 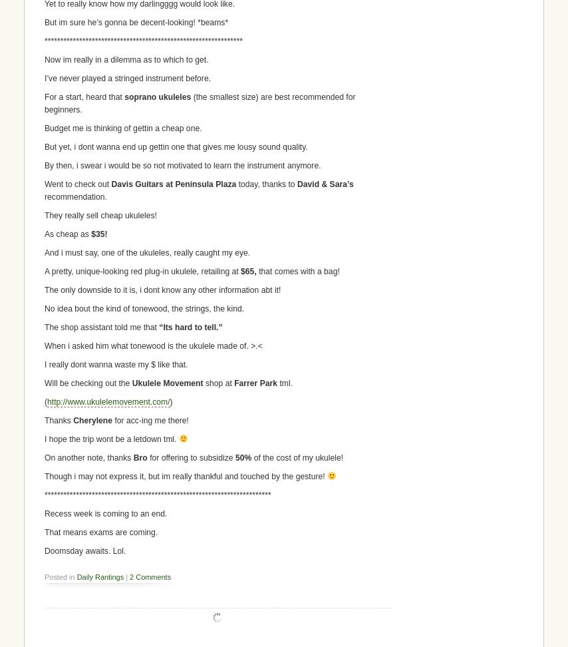 What do you see at coordinates (157, 494) in the screenshot?
I see `'************************************************************************'` at bounding box center [157, 494].